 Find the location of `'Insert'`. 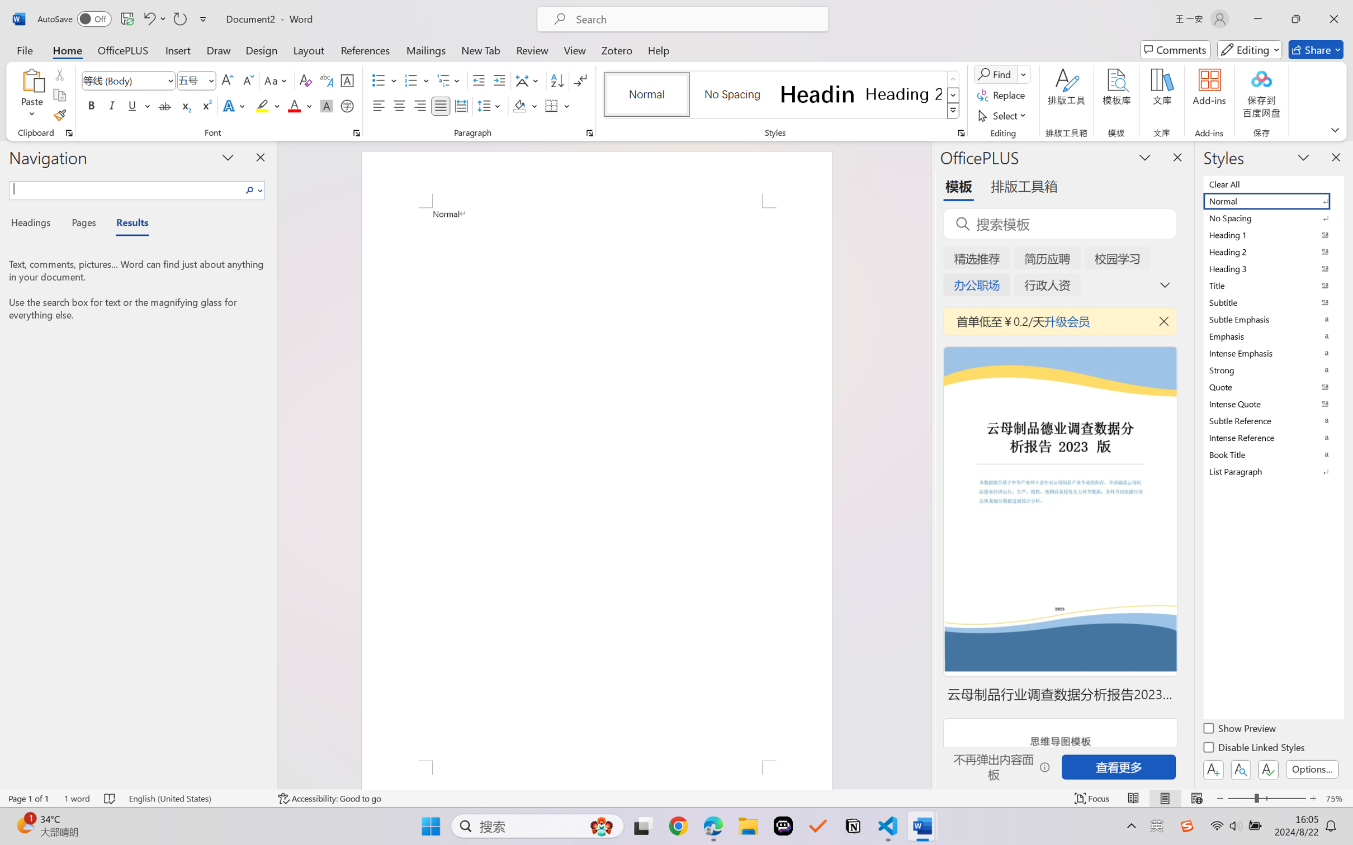

'Insert' is located at coordinates (177, 49).